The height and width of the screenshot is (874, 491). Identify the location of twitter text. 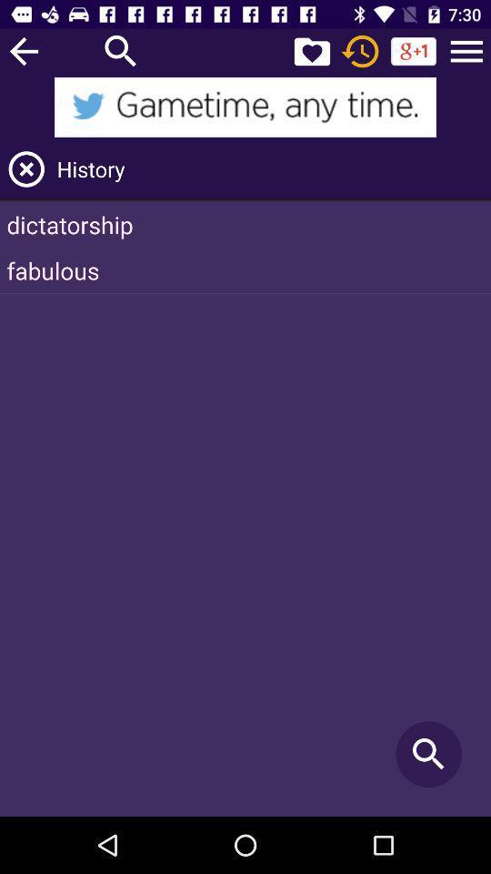
(245, 107).